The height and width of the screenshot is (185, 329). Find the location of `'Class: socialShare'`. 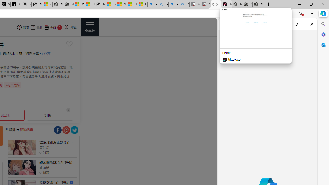

'Class: socialShare' is located at coordinates (74, 130).